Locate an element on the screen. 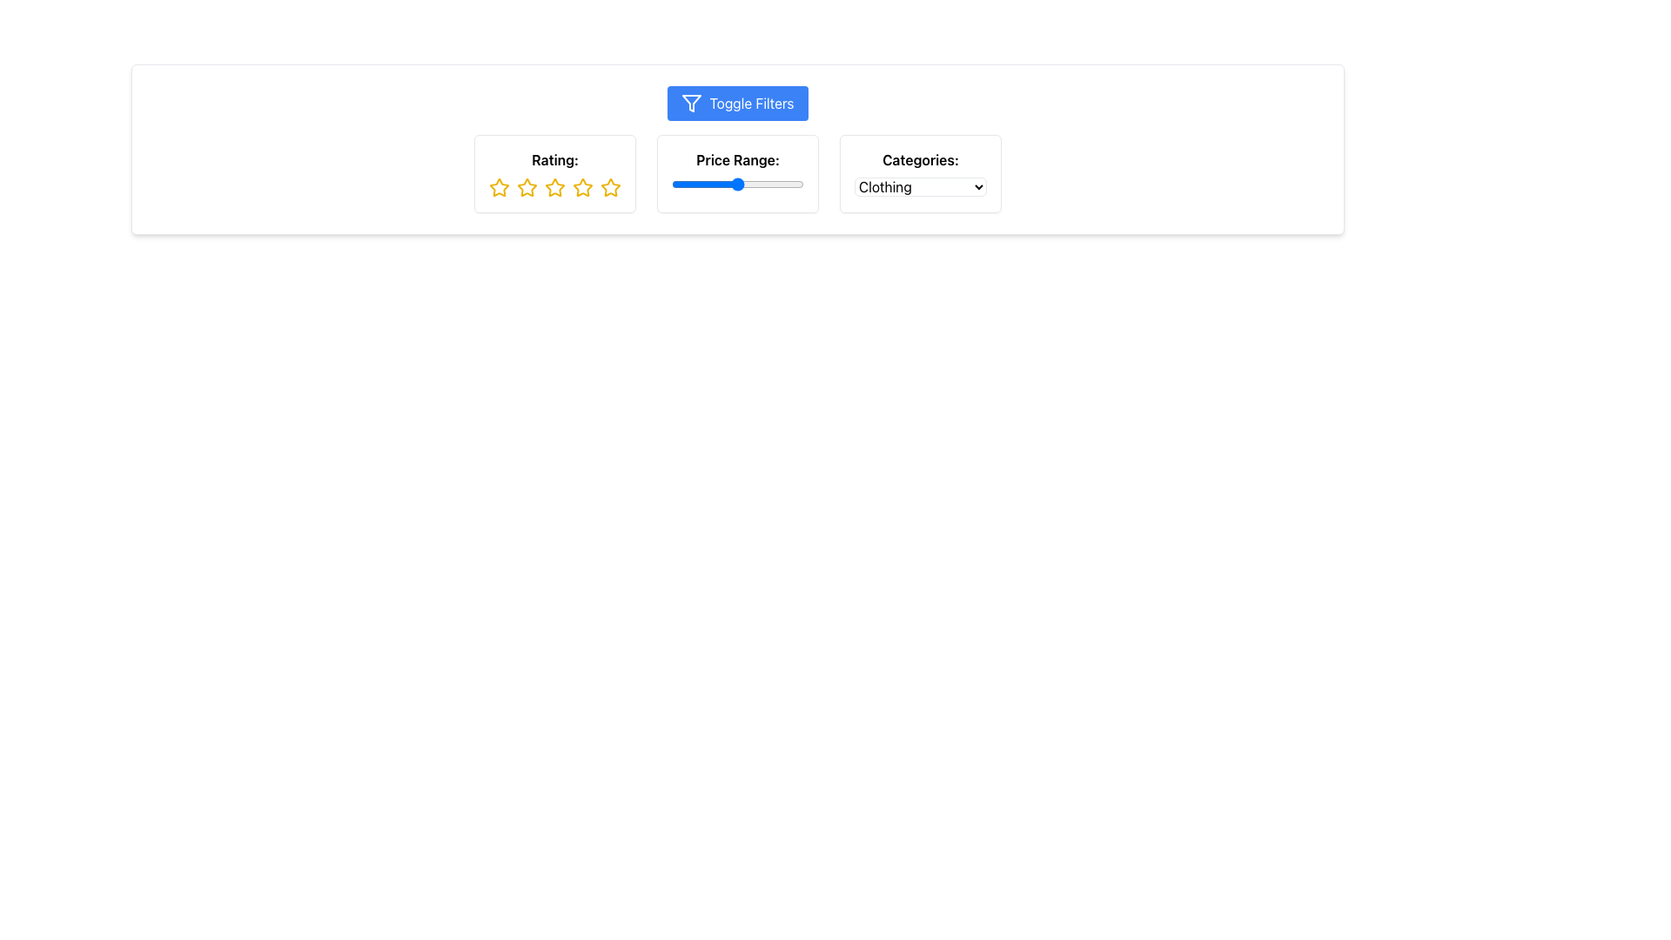 This screenshot has width=1671, height=940. the third star icon in the rating system is located at coordinates (554, 188).